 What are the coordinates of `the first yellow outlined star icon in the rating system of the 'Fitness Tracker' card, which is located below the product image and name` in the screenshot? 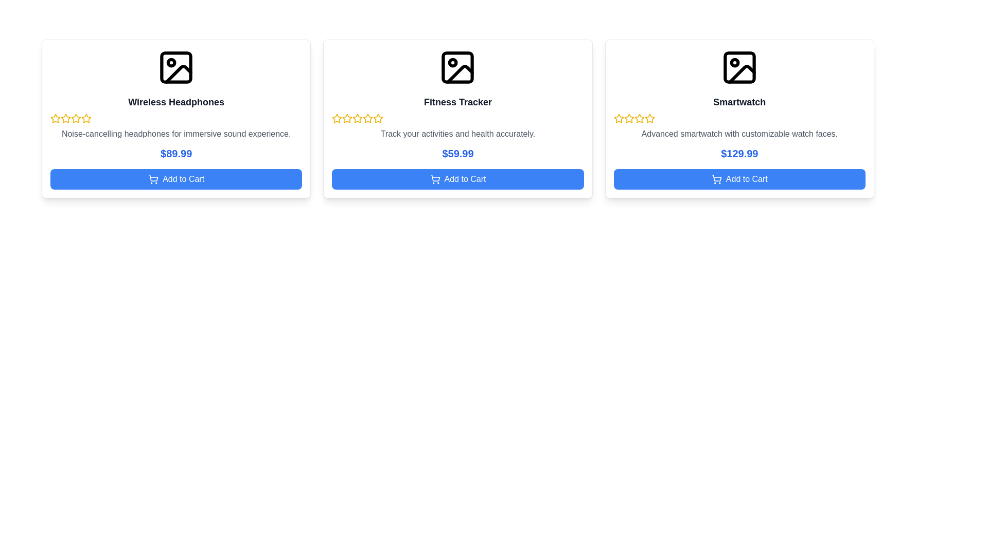 It's located at (337, 118).